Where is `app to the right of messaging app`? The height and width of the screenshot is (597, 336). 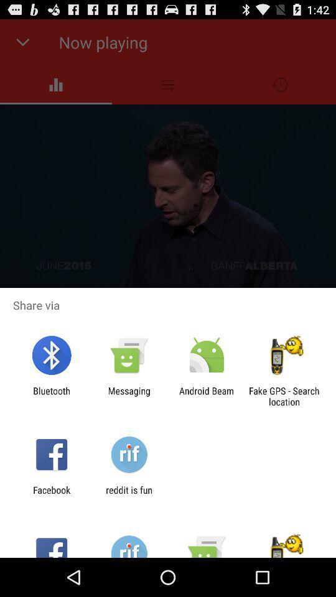
app to the right of messaging app is located at coordinates (207, 396).